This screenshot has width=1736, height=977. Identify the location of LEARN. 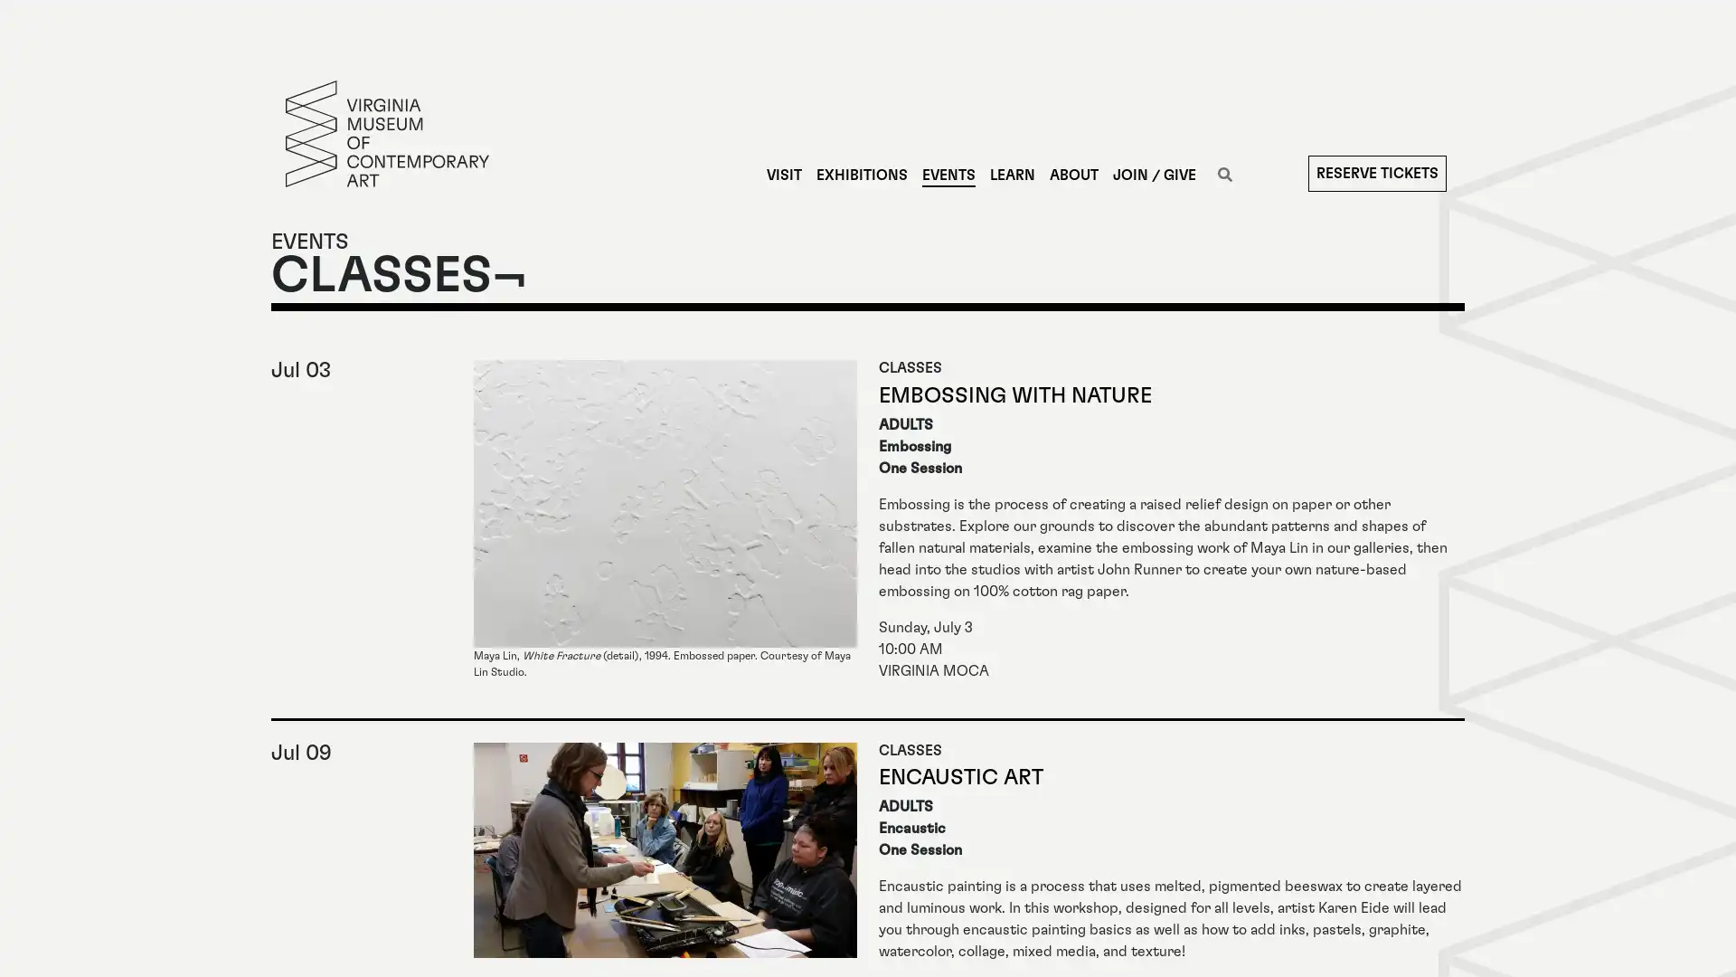
(1010, 175).